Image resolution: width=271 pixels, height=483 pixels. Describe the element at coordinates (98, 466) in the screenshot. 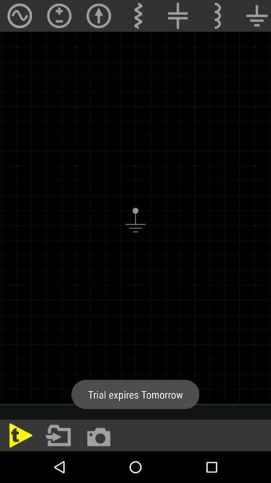

I see `the photo icon` at that location.